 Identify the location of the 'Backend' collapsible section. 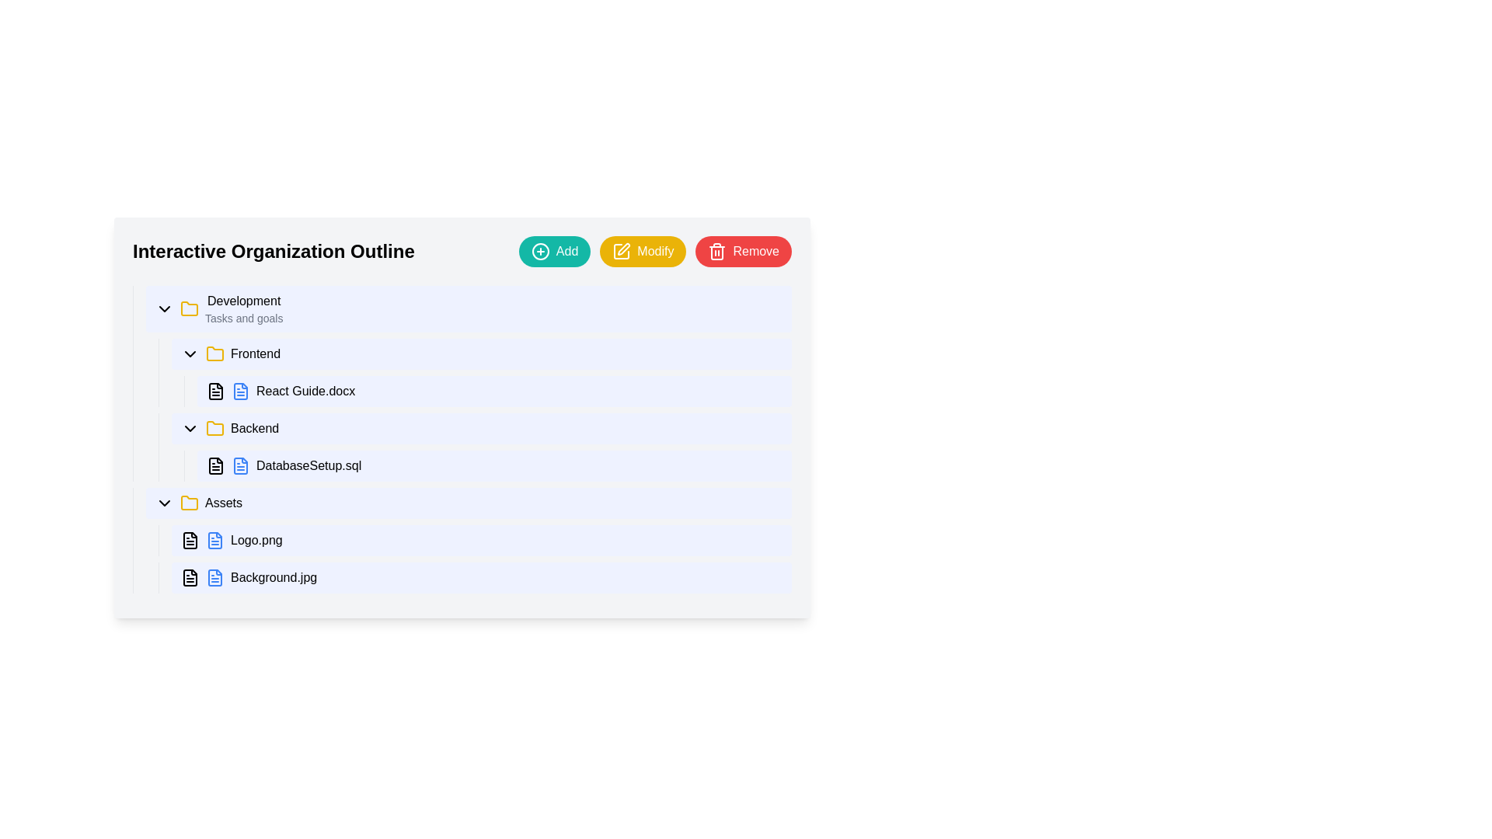
(462, 440).